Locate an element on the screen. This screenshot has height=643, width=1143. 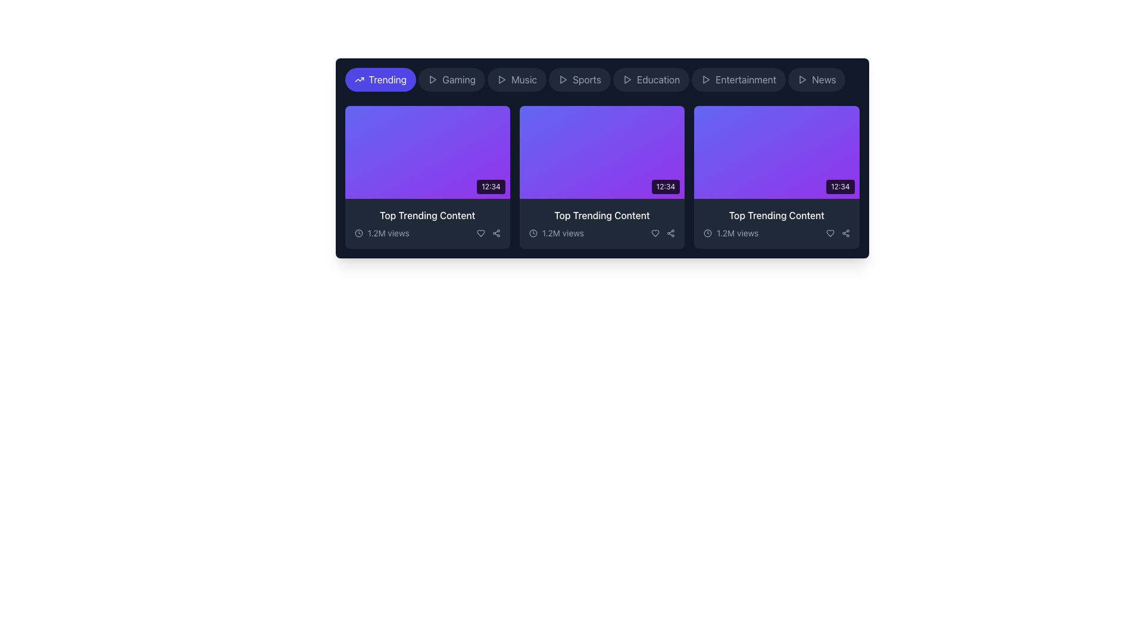
the heart-shaped 'like' button outlined in white, located below the thumbnail of a trending content card in the interaction bar is located at coordinates (829, 233).